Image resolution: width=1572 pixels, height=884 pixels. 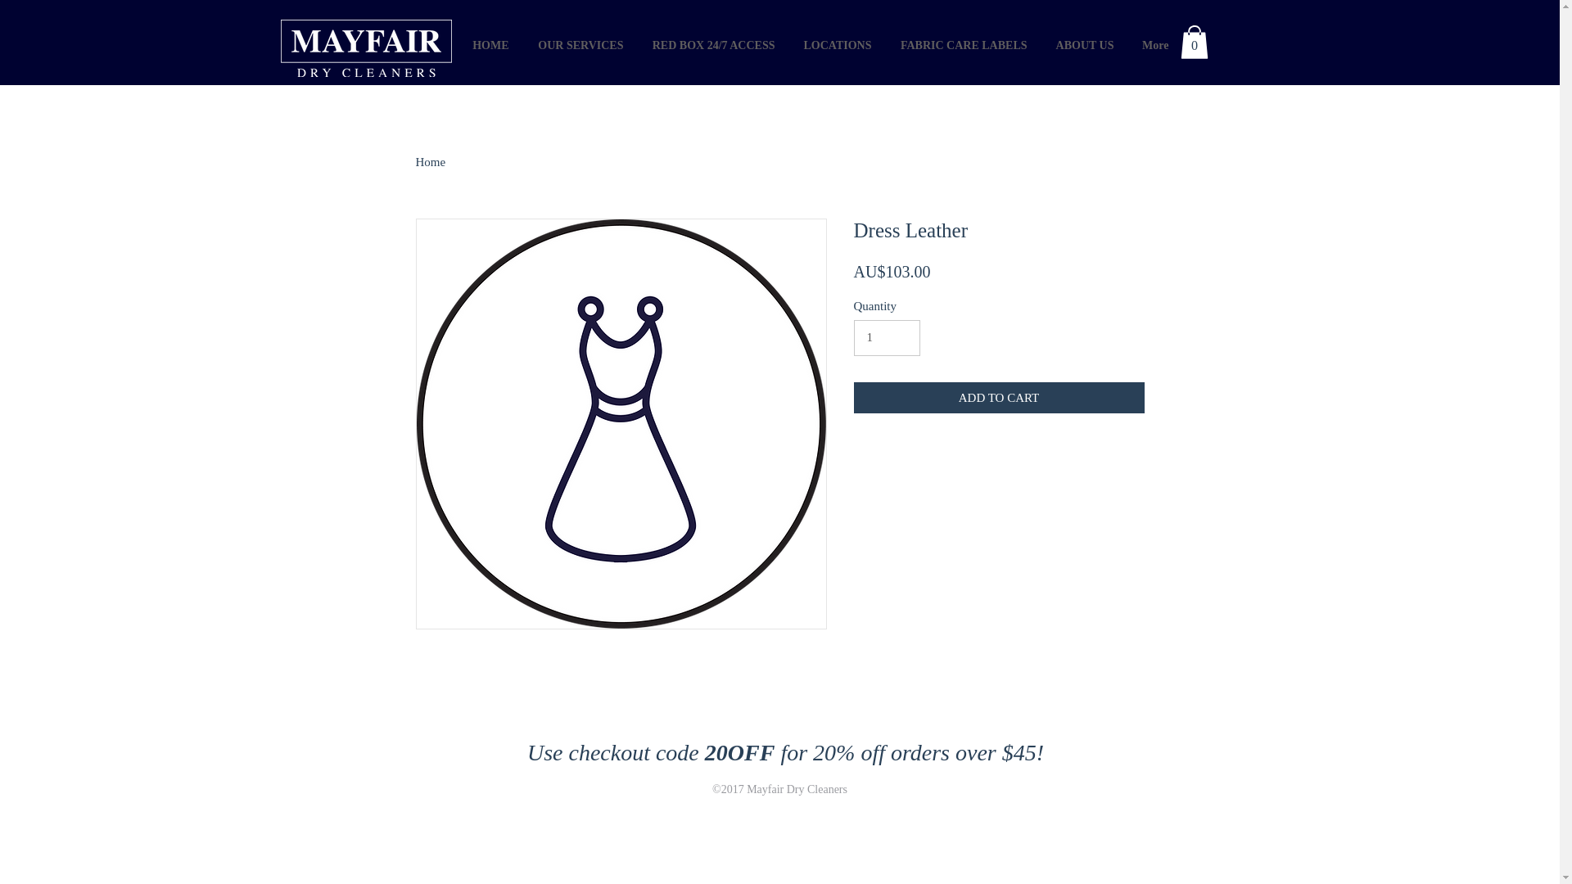 I want to click on 'LOCATIONS', so click(x=836, y=44).